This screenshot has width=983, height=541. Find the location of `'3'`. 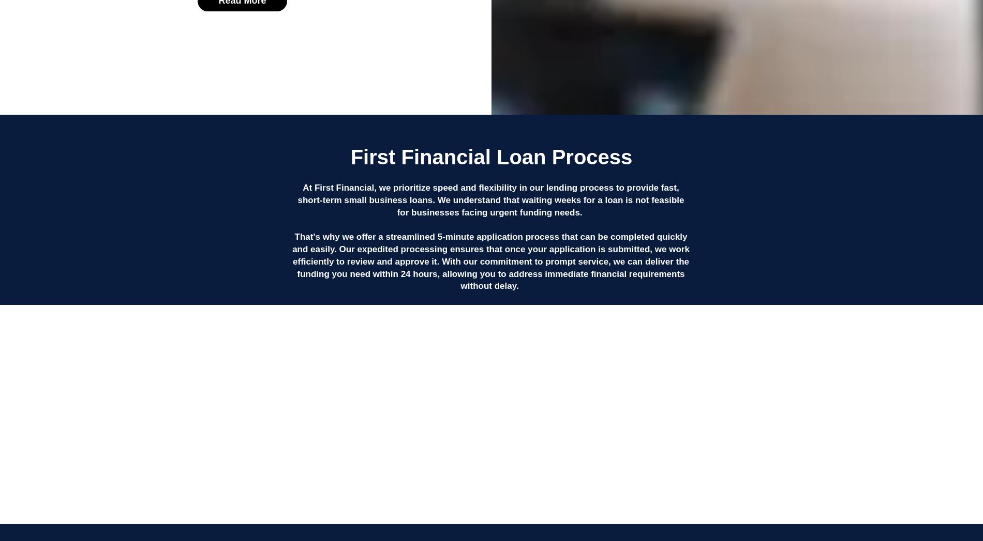

'3' is located at coordinates (561, 403).